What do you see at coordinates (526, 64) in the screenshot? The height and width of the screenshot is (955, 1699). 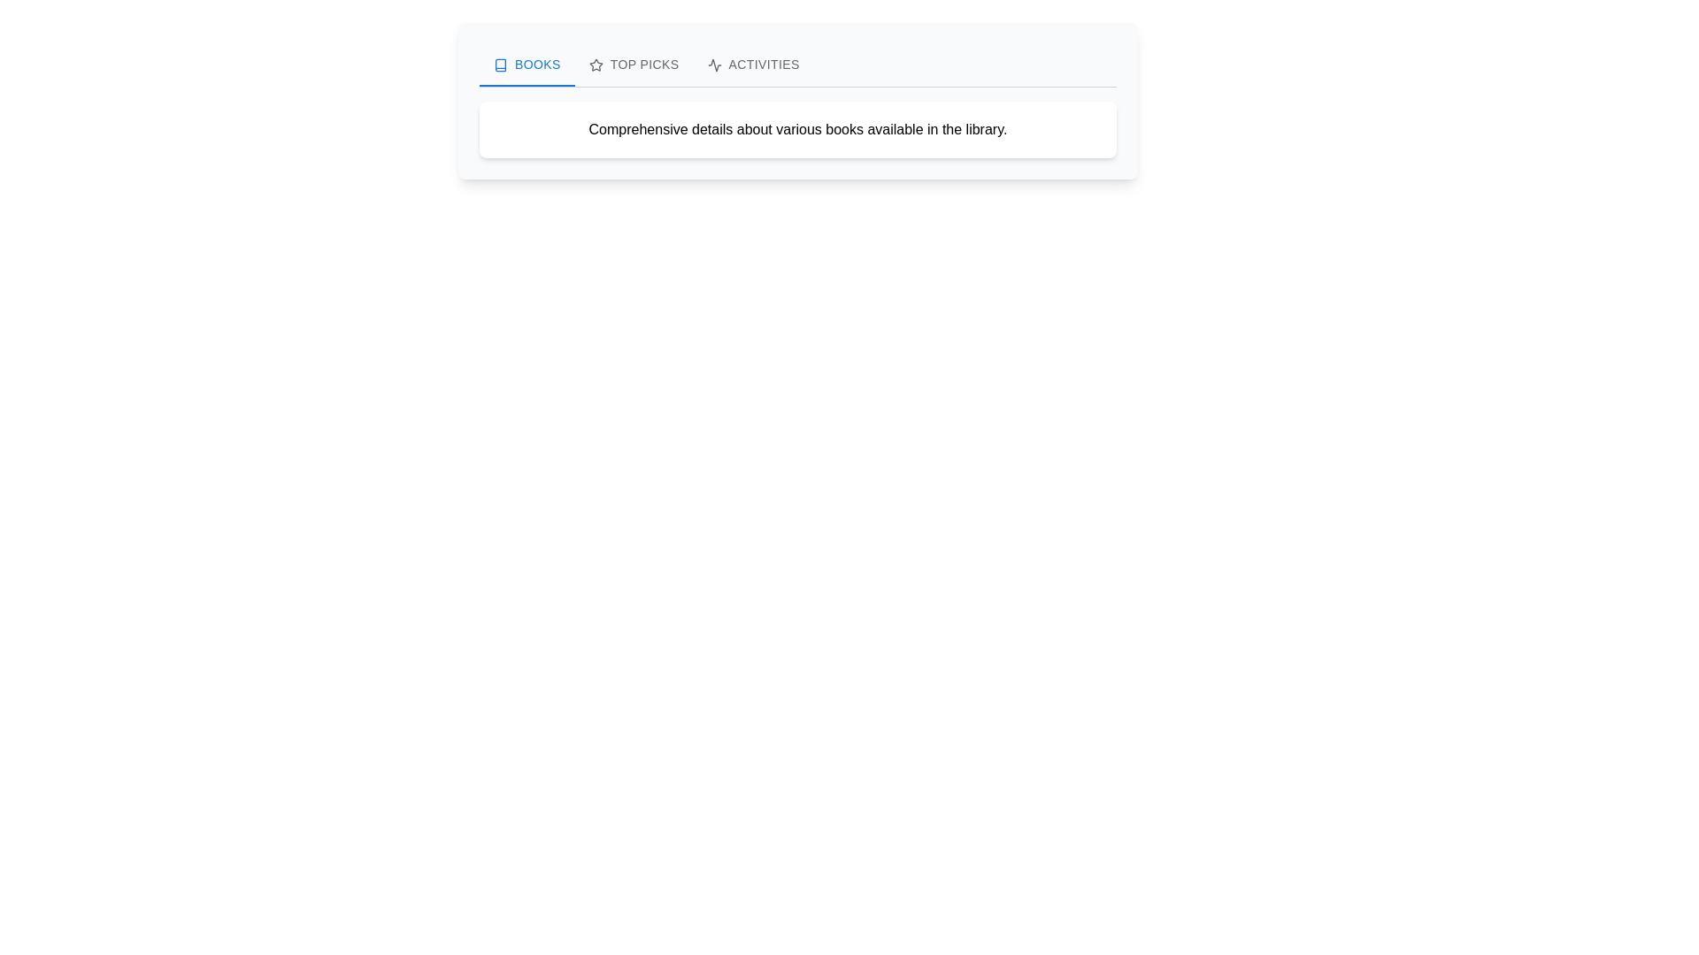 I see `the 'Books' tab, which is the active tab in the horizontal navigation bar, indicated by its blue icon and capitalized blue text` at bounding box center [526, 64].